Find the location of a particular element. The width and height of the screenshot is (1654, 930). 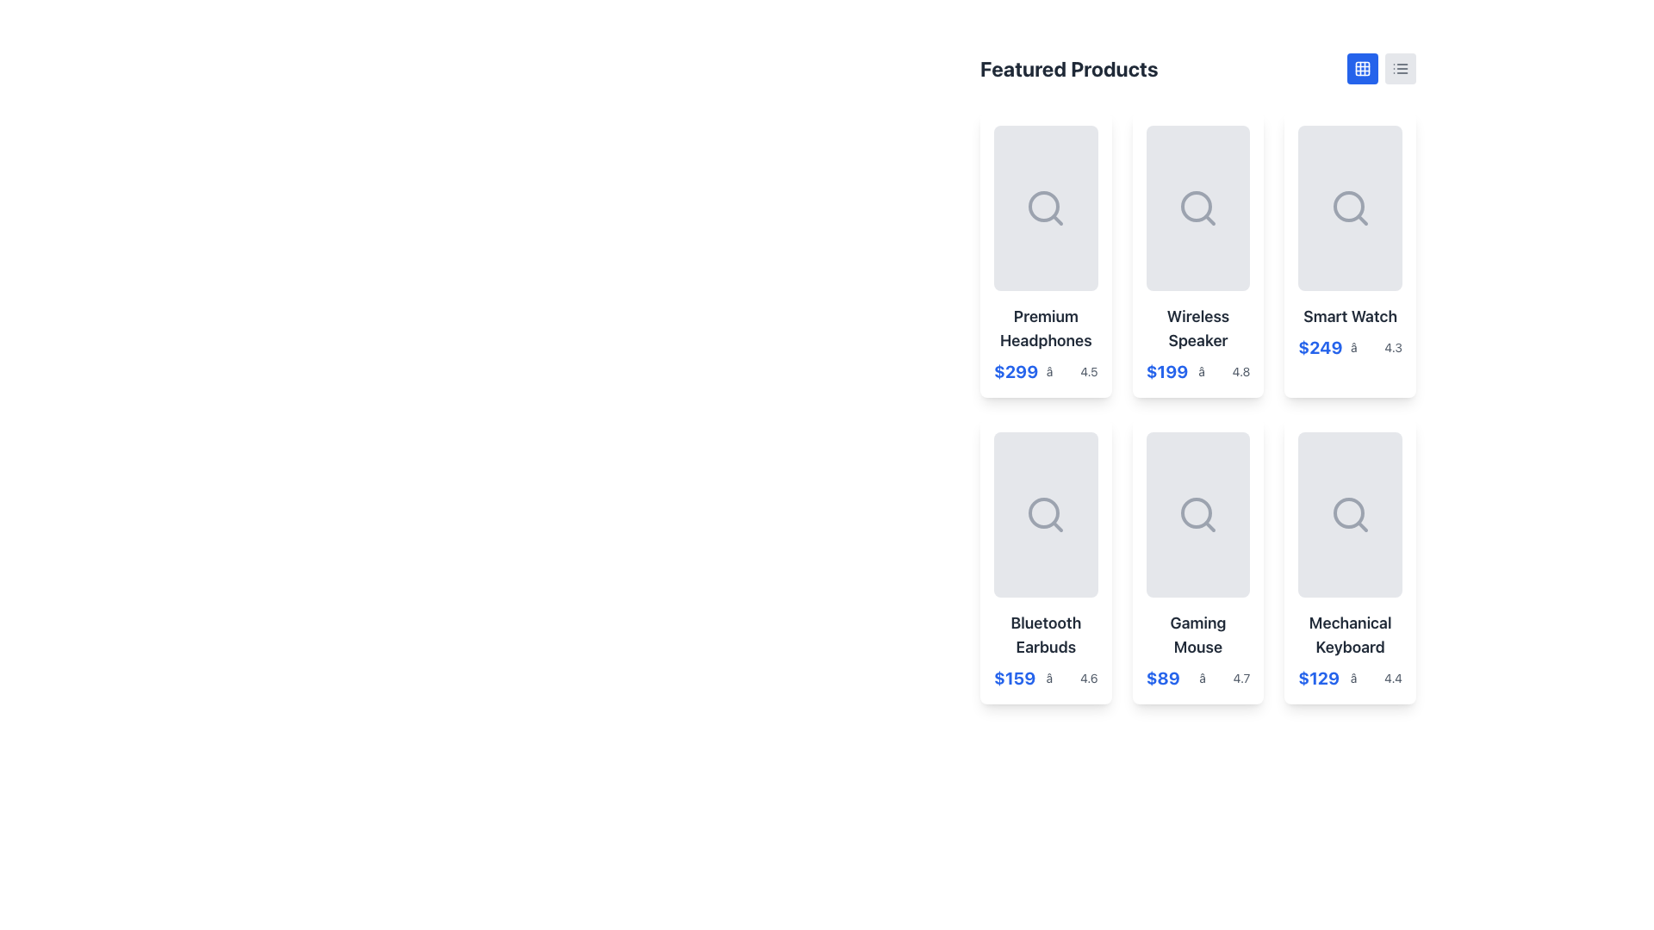

the card displaying a magnifying glass icon on a light gray background, which is the first section of the 'Bluetooth Earbuds' item card in the second row, first column of the product grid is located at coordinates (1045, 513).